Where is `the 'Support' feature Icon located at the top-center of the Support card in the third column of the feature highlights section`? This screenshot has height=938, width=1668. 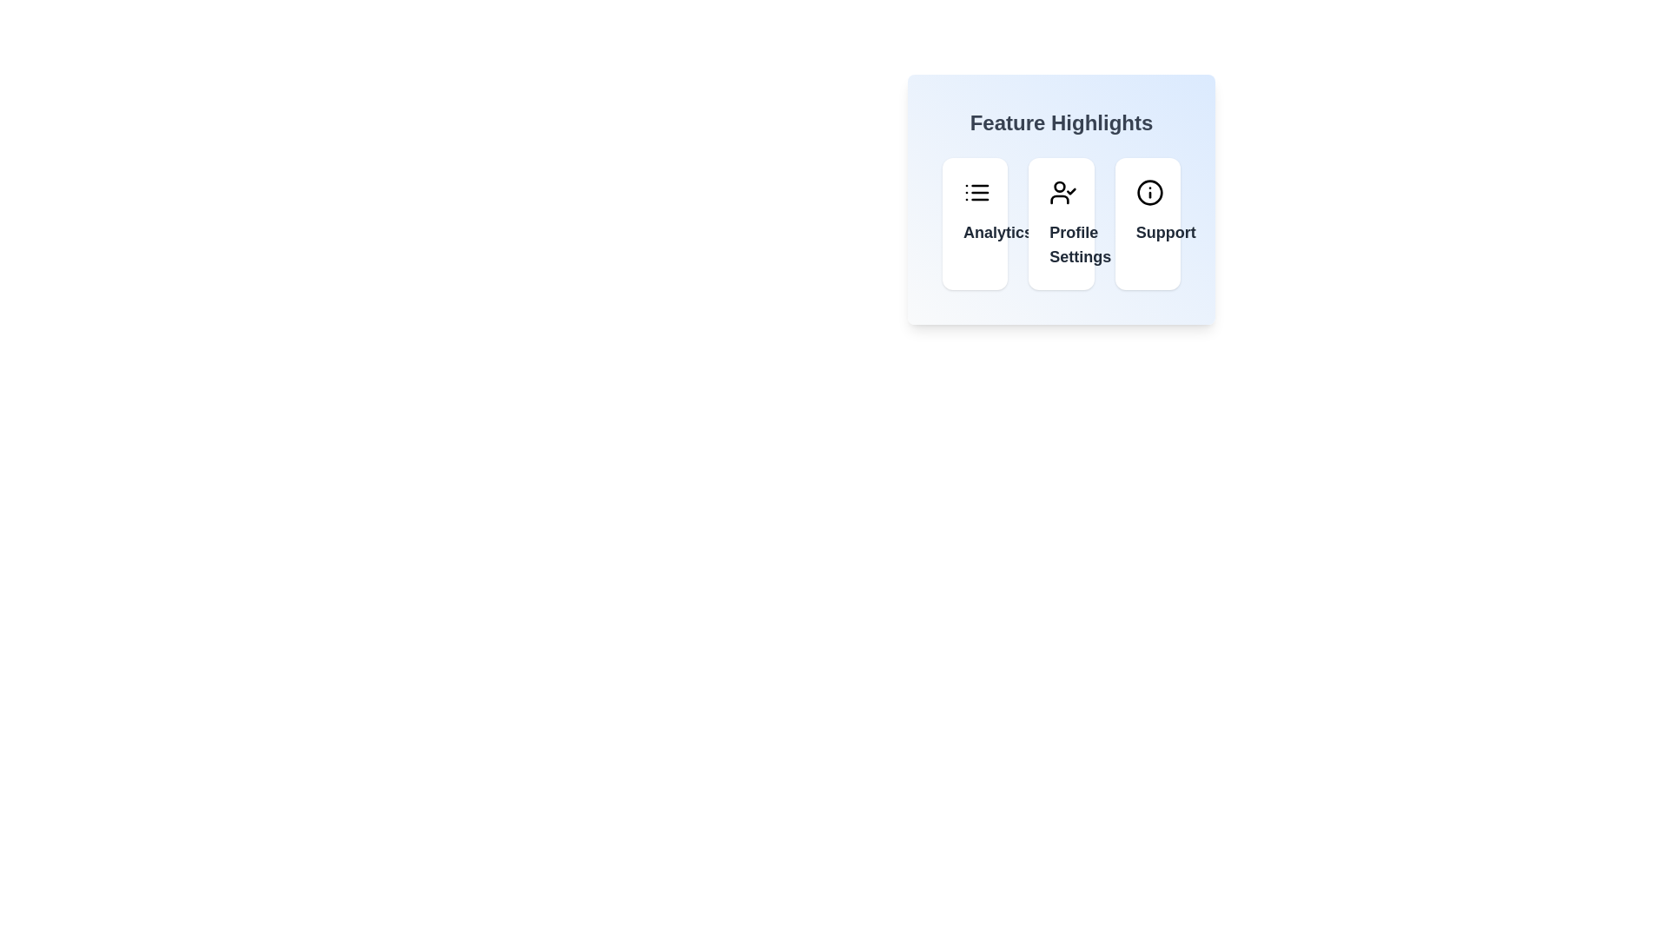 the 'Support' feature Icon located at the top-center of the Support card in the third column of the feature highlights section is located at coordinates (1149, 193).